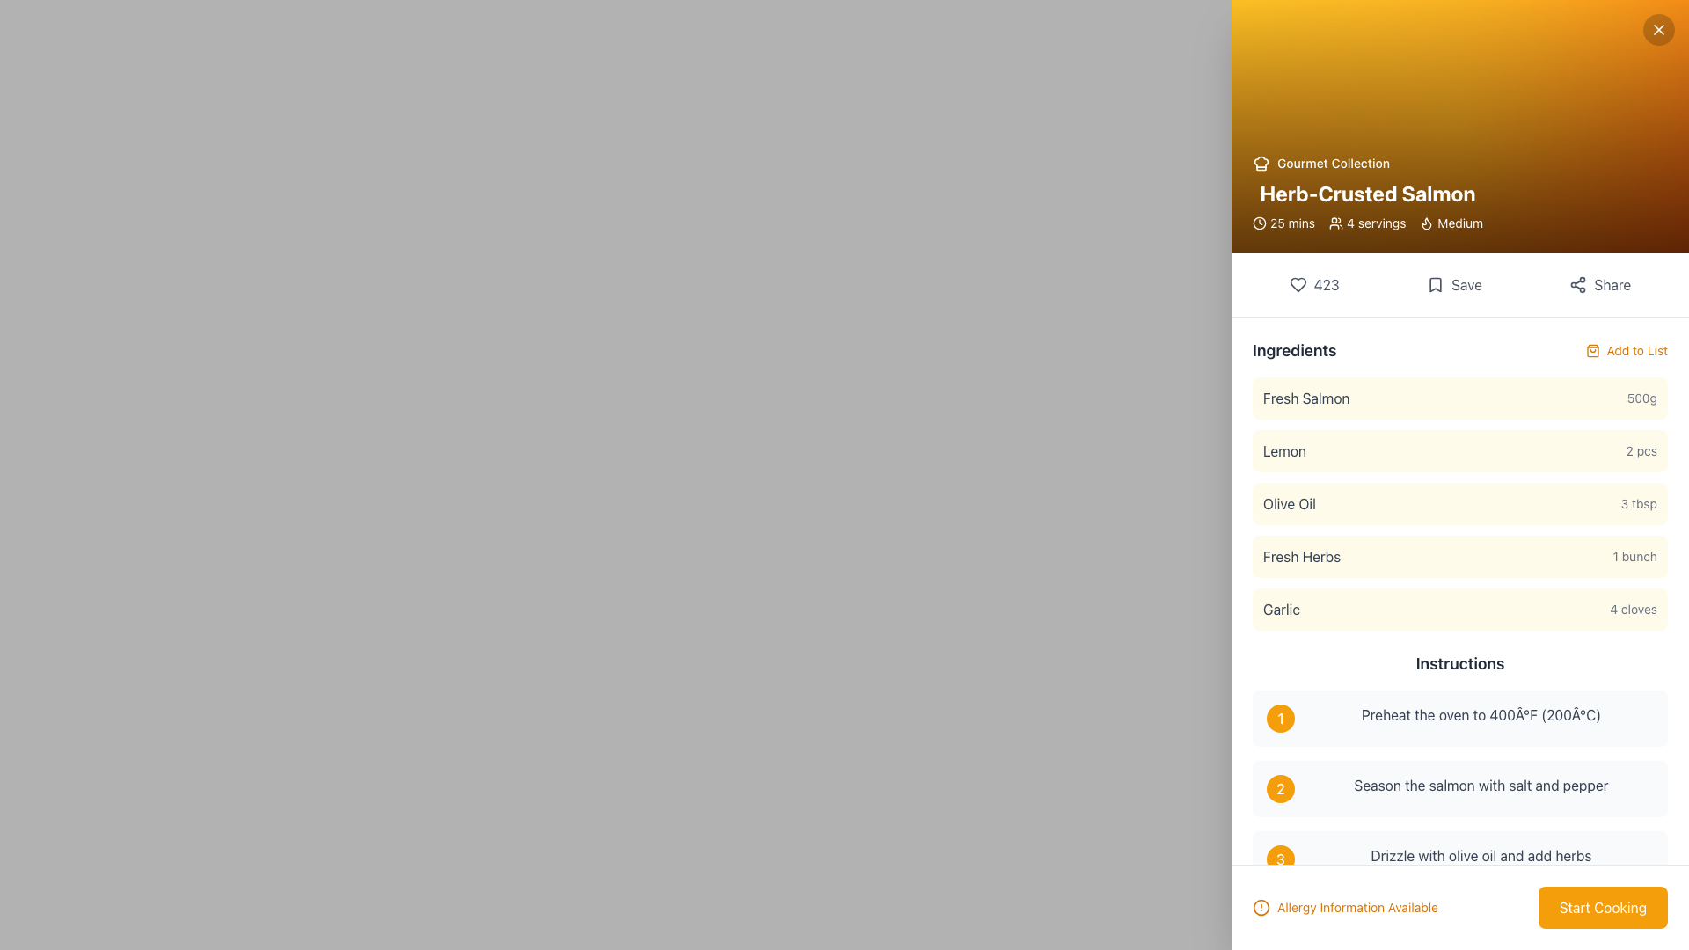 The width and height of the screenshot is (1689, 950). Describe the element at coordinates (1367, 223) in the screenshot. I see `displayed information from the informational display component located below the title 'Herb-Crusted Salmon', showing preparation time, servings count, and difficulty level` at that location.